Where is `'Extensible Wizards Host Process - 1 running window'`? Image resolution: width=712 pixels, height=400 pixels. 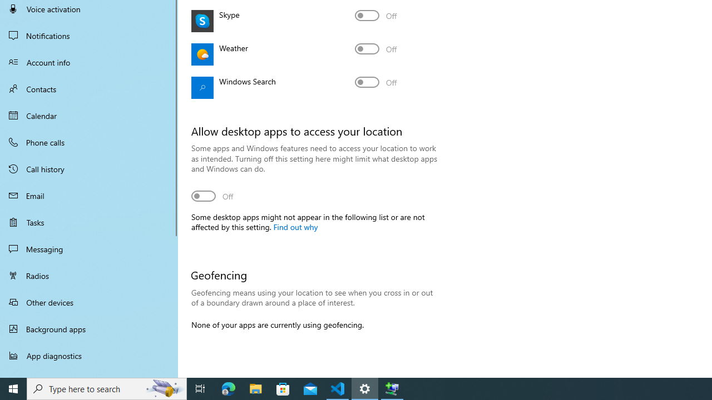 'Extensible Wizards Host Process - 1 running window' is located at coordinates (392, 388).